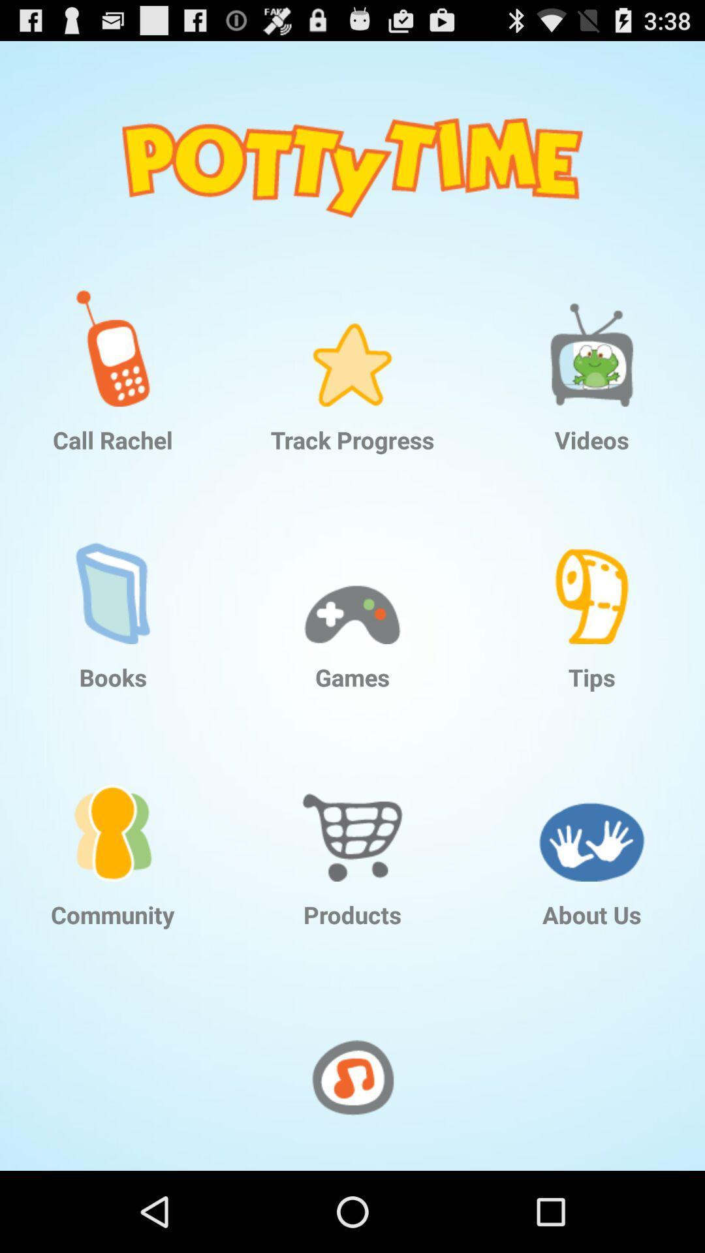 The image size is (705, 1253). Describe the element at coordinates (112, 812) in the screenshot. I see `icon above the community icon` at that location.